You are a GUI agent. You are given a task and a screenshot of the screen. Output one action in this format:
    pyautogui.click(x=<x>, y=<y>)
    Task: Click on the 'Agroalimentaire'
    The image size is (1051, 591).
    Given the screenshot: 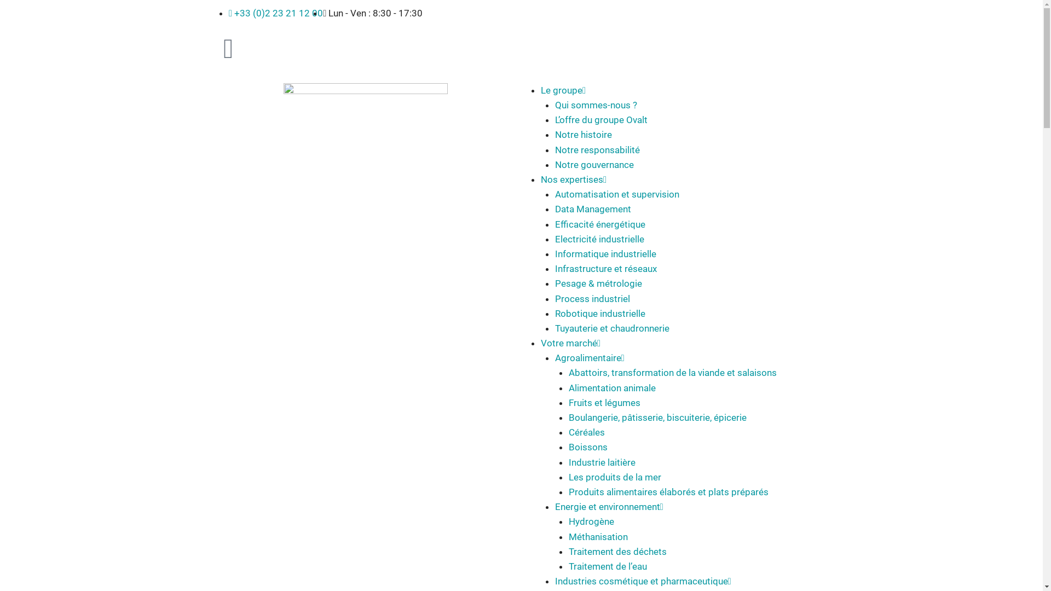 What is the action you would take?
    pyautogui.click(x=587, y=358)
    